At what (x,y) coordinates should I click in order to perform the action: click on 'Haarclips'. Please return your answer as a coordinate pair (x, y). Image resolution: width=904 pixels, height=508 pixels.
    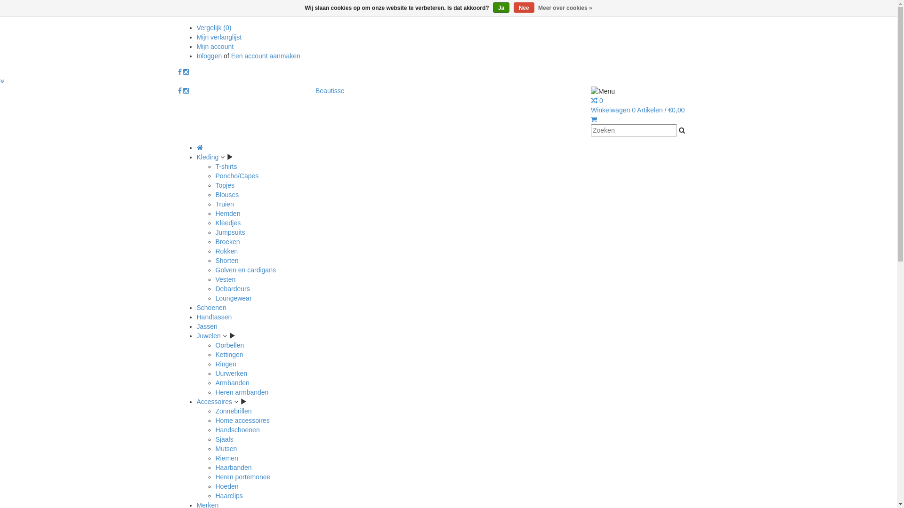
    Looking at the image, I should click on (229, 495).